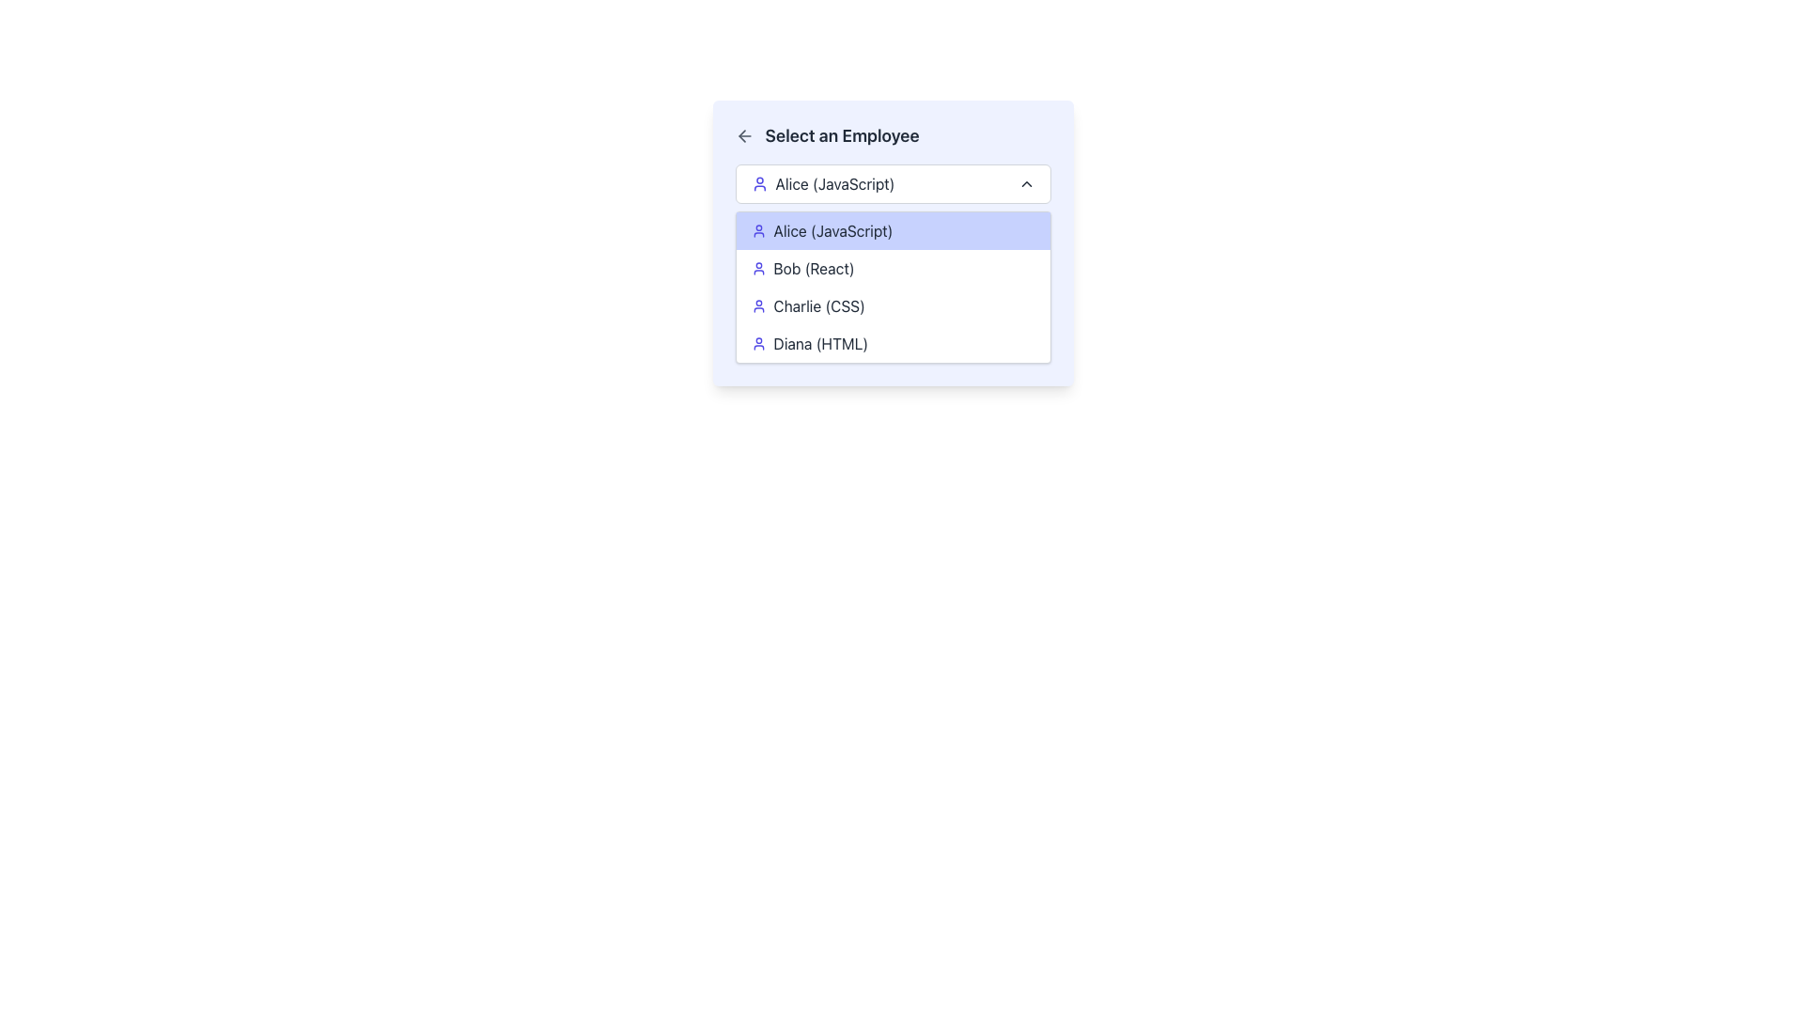 The height and width of the screenshot is (1015, 1804). Describe the element at coordinates (743, 135) in the screenshot. I see `the left-pointing arrow icon adjacent to the 'Select an Employee' text` at that location.